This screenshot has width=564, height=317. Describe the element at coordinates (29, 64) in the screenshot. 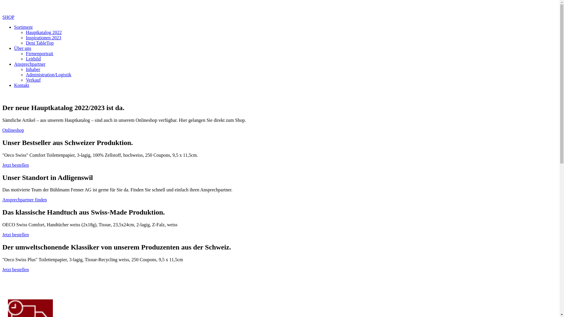

I see `'Ansprechpartner'` at that location.